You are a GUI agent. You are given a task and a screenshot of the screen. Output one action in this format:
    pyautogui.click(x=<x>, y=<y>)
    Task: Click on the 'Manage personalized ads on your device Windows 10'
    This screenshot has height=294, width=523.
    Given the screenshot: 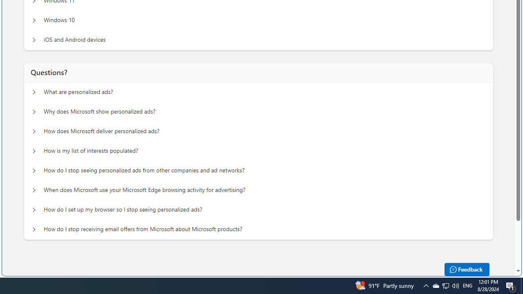 What is the action you would take?
    pyautogui.click(x=34, y=20)
    